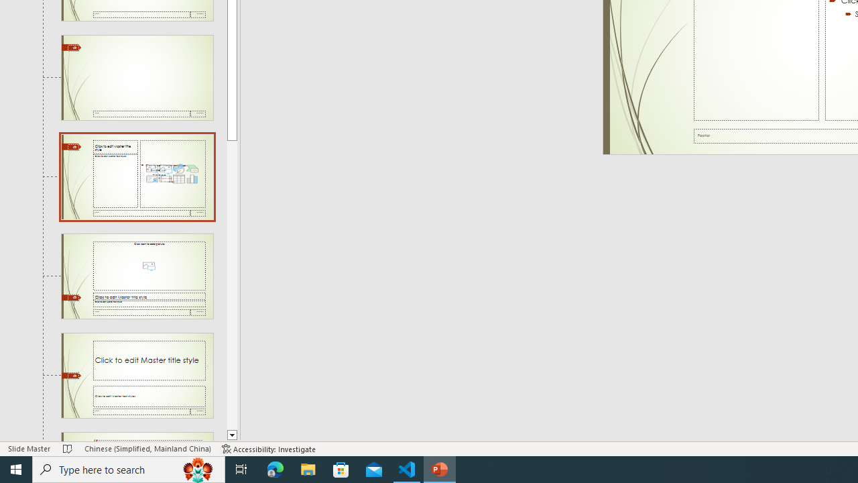 Image resolution: width=858 pixels, height=483 pixels. What do you see at coordinates (137, 276) in the screenshot?
I see `'Slide Picture with Caption Layout: used by no slides'` at bounding box center [137, 276].